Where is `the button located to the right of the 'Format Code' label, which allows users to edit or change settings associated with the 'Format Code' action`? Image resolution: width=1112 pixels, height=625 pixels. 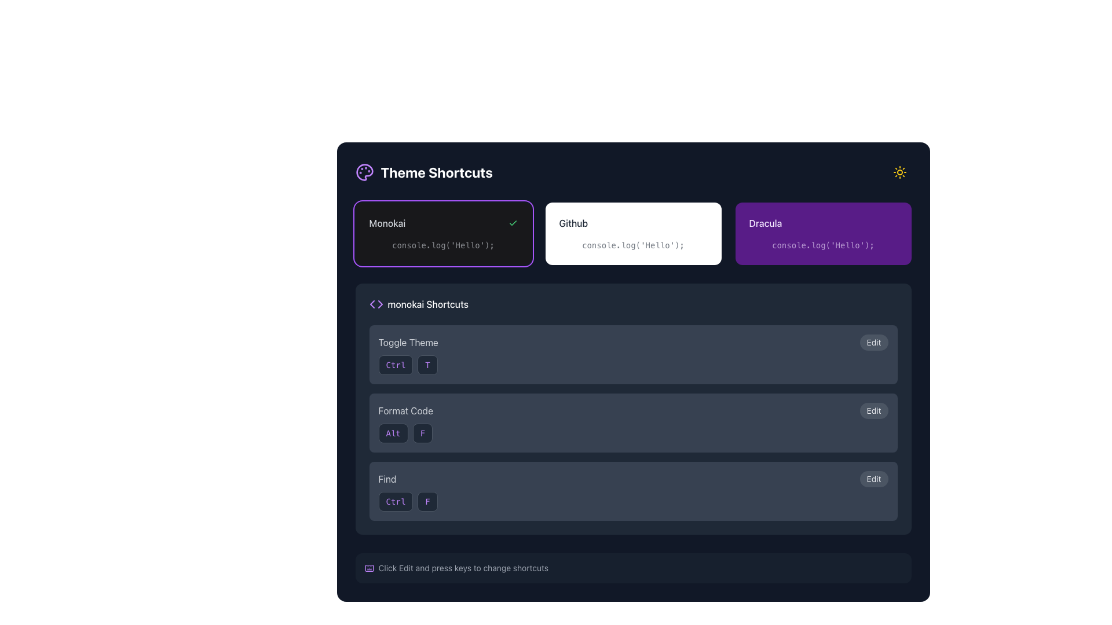 the button located to the right of the 'Format Code' label, which allows users to edit or change settings associated with the 'Format Code' action is located at coordinates (874, 410).